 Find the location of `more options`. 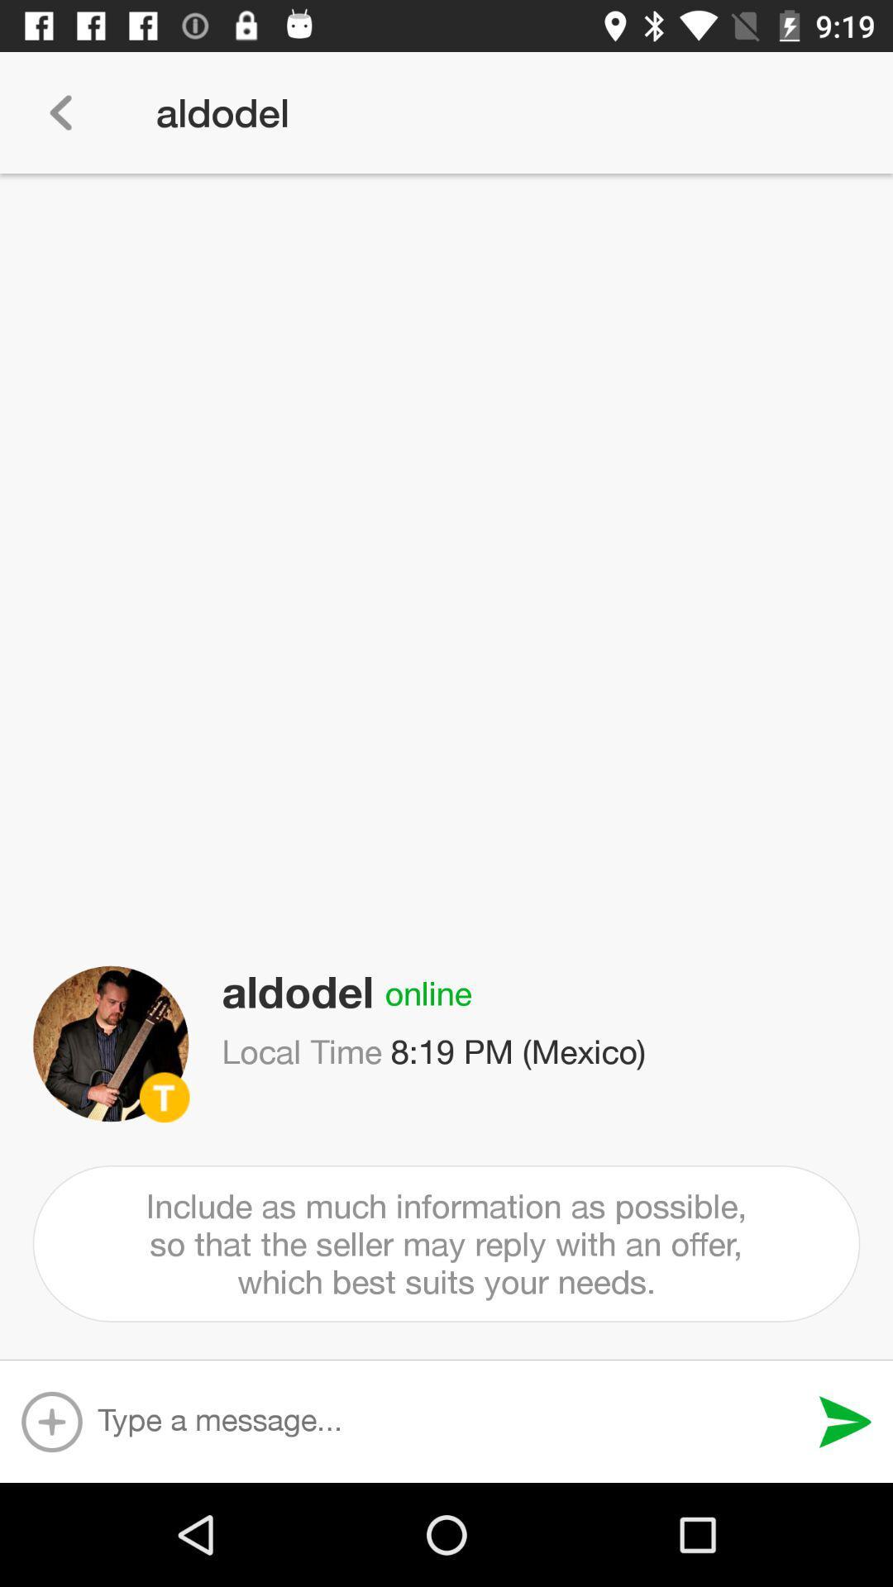

more options is located at coordinates (50, 1421).